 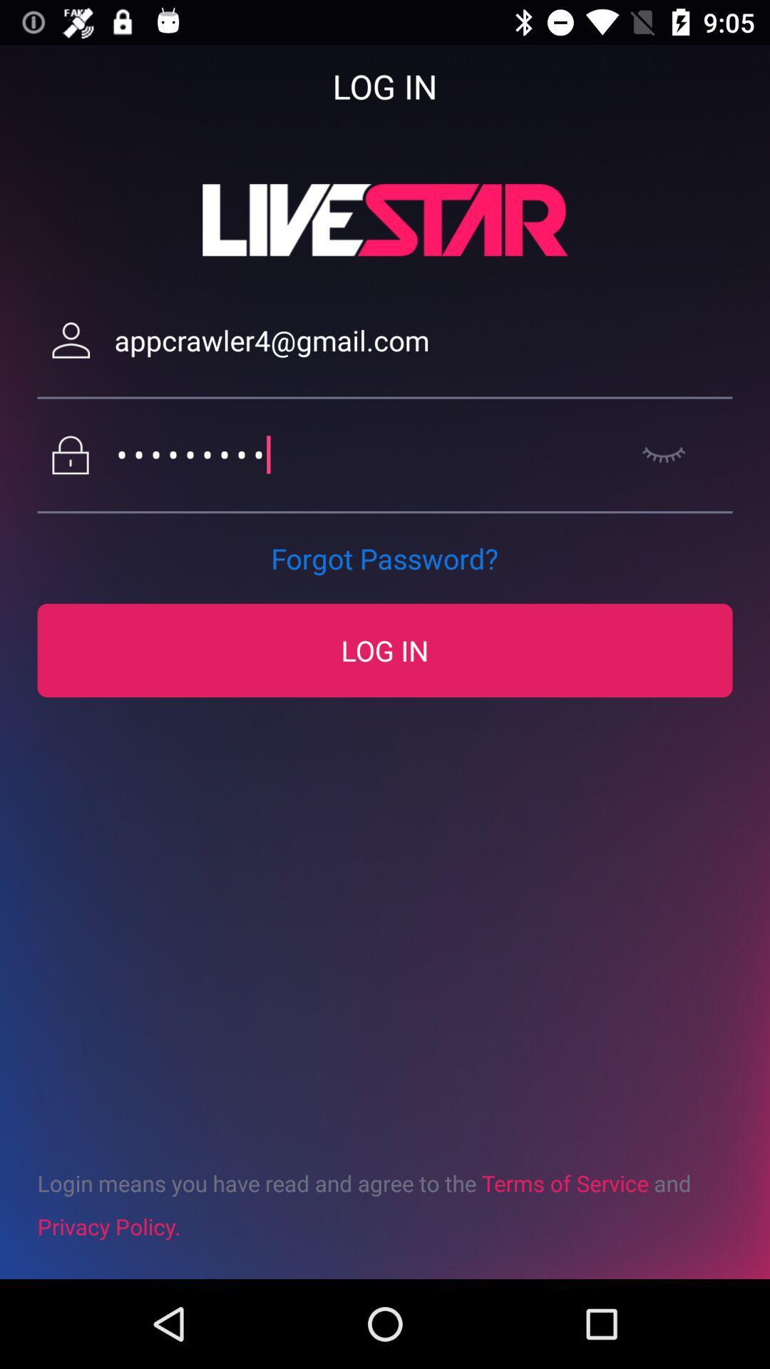 I want to click on the icon below the log in icon, so click(x=385, y=1204).